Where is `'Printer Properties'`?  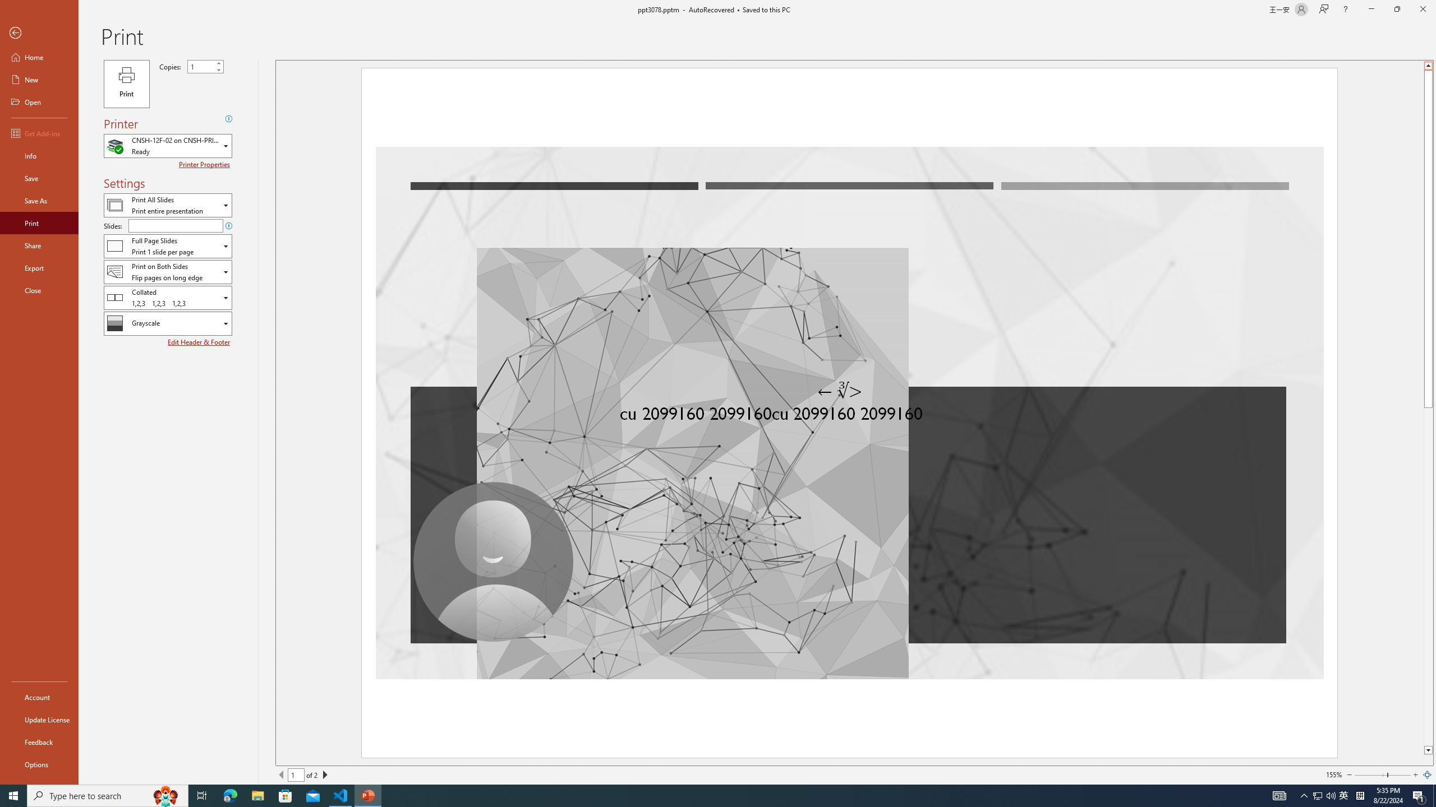 'Printer Properties' is located at coordinates (205, 164).